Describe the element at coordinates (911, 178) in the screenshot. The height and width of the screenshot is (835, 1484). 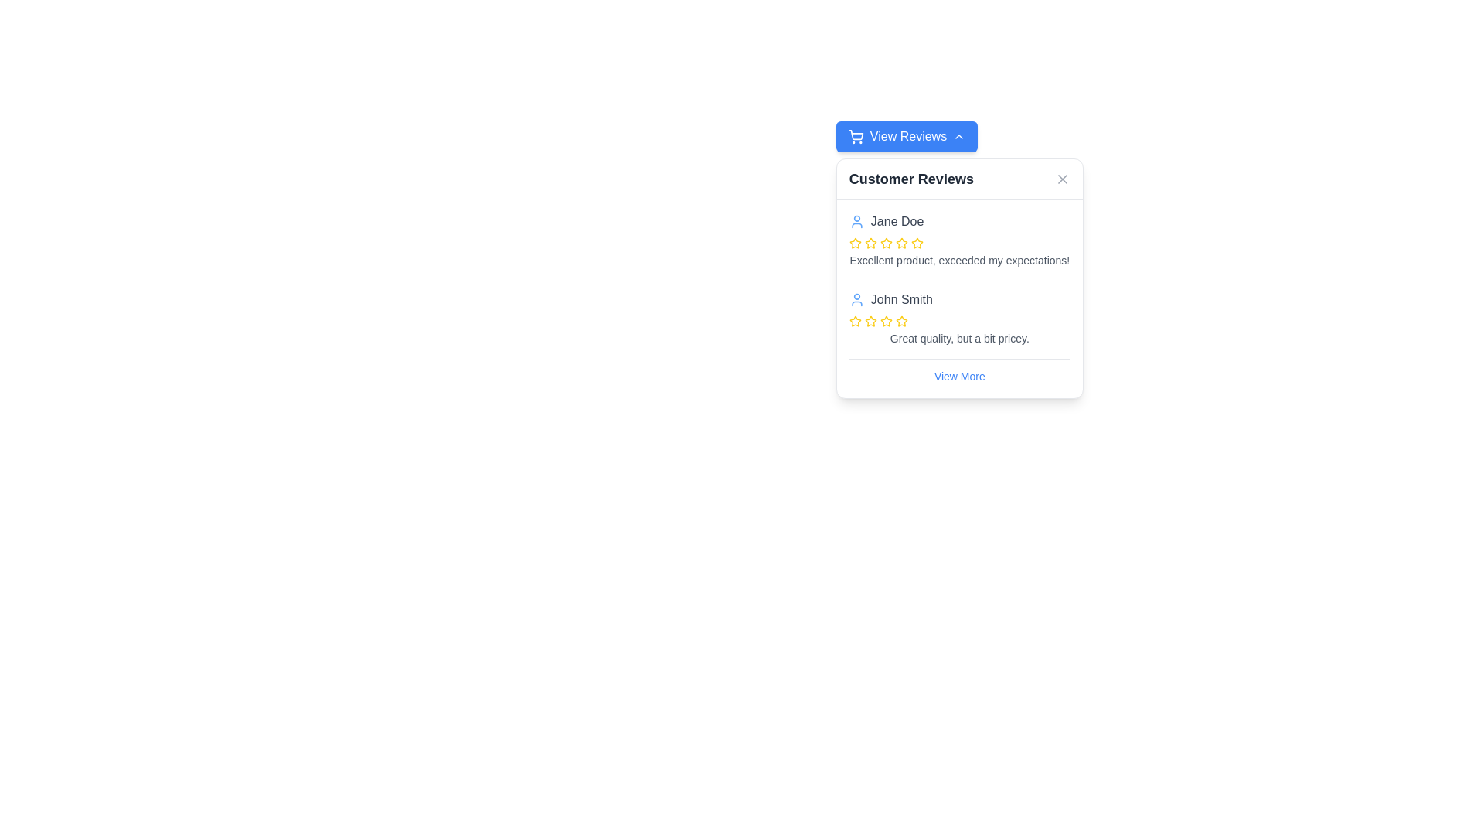
I see `the prominent text label that reads 'Customer Reviews', which is styled in a large, bold font, centered within a white background at the top of the review section` at that location.